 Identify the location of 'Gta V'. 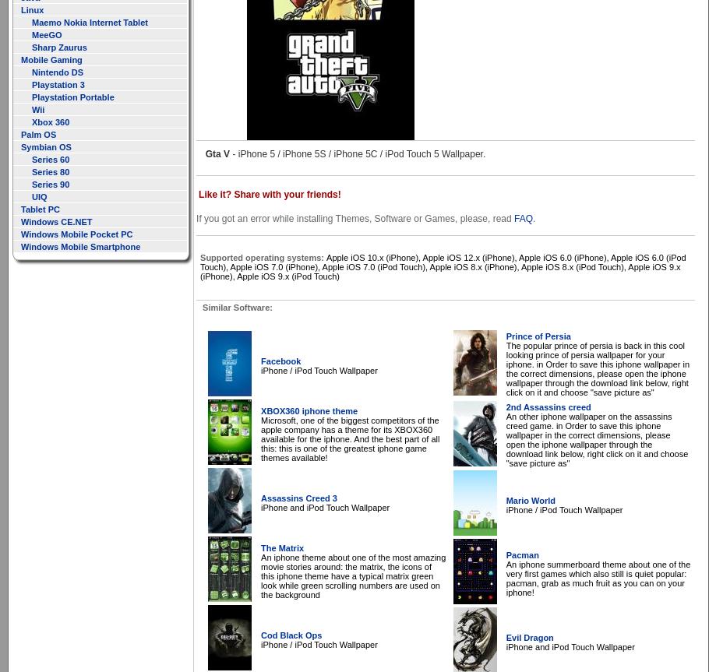
(217, 153).